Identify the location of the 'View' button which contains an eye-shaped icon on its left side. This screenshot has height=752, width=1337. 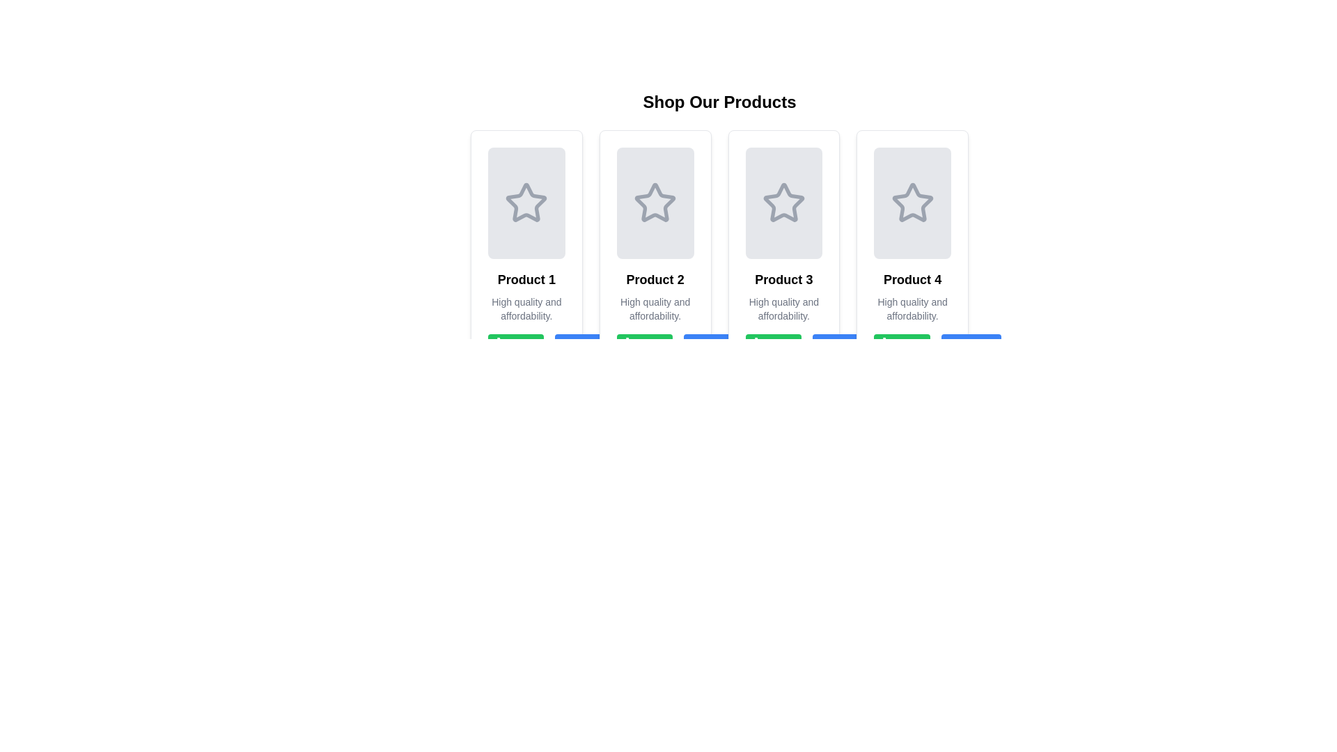
(957, 345).